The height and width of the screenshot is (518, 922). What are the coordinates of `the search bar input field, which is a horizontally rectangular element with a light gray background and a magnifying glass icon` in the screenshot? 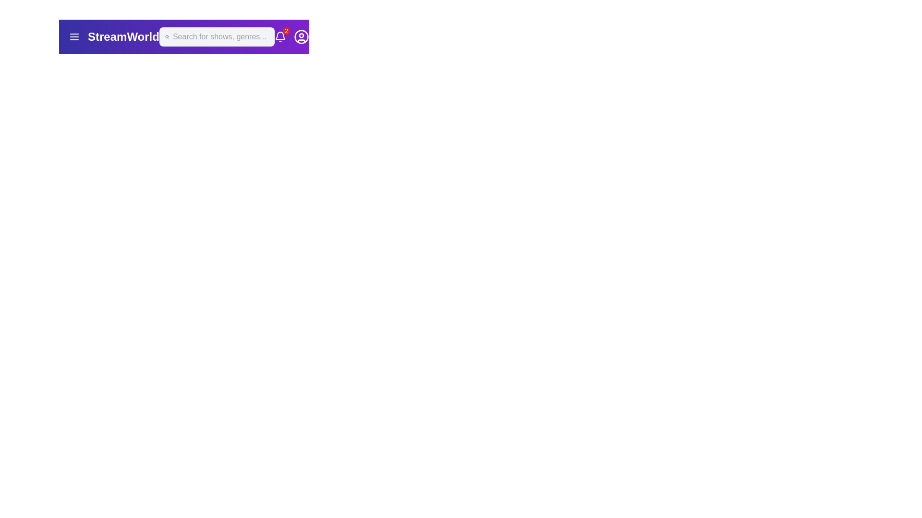 It's located at (216, 36).